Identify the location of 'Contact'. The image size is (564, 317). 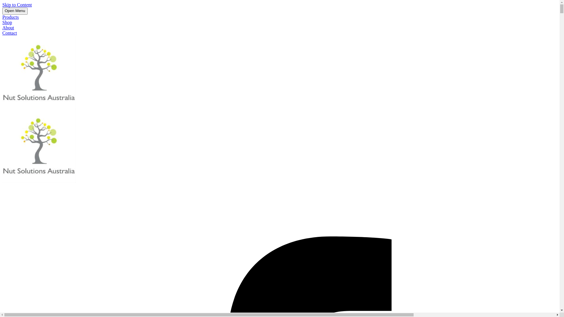
(10, 33).